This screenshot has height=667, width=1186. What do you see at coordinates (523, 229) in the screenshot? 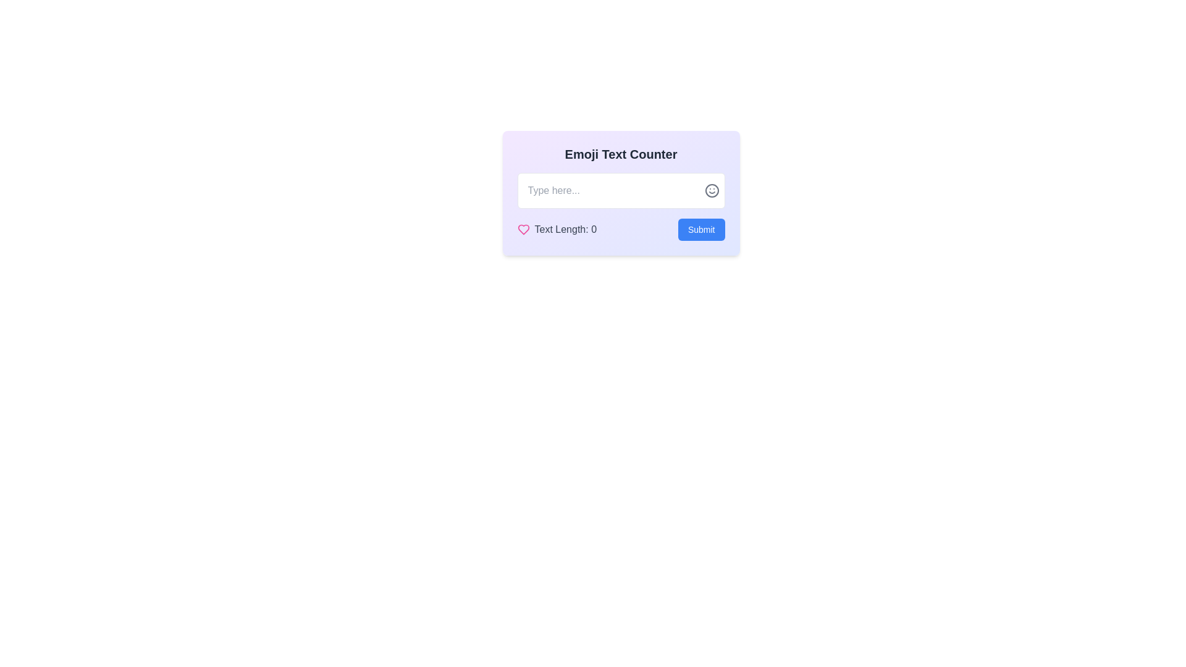
I see `the heart-shaped pink vector graphic icon that reflects a romantic theme, located near the center of the 'Emoji Text Counter' interface` at bounding box center [523, 229].